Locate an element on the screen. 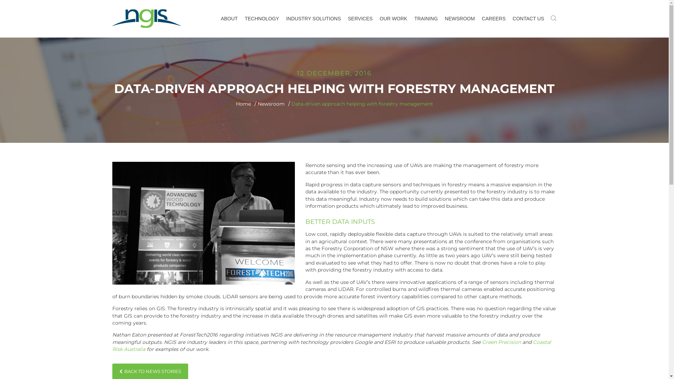 Image resolution: width=674 pixels, height=379 pixels. 'OUR WORK' is located at coordinates (376, 18).